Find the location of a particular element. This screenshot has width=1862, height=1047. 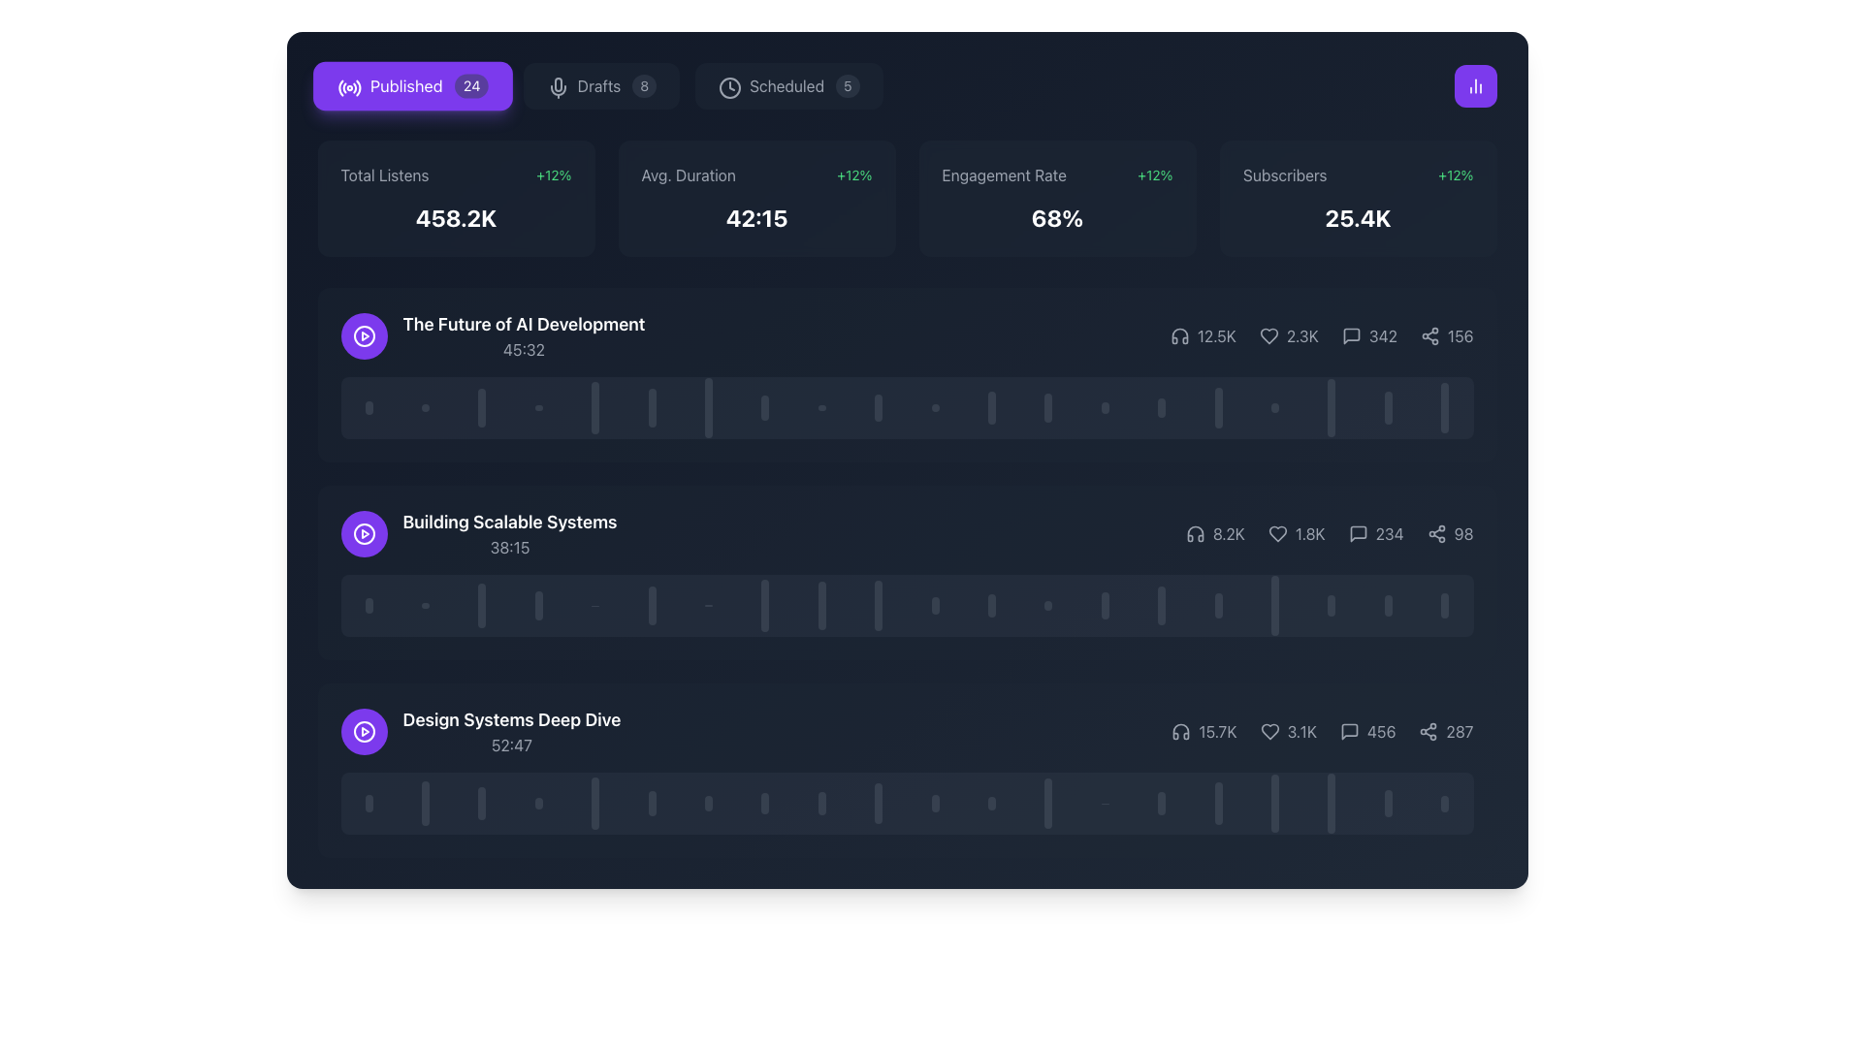

the clock icon located on the 'Scheduled' button, which indicates scheduled items or events, positioned near the count indicator '5' is located at coordinates (727, 84).